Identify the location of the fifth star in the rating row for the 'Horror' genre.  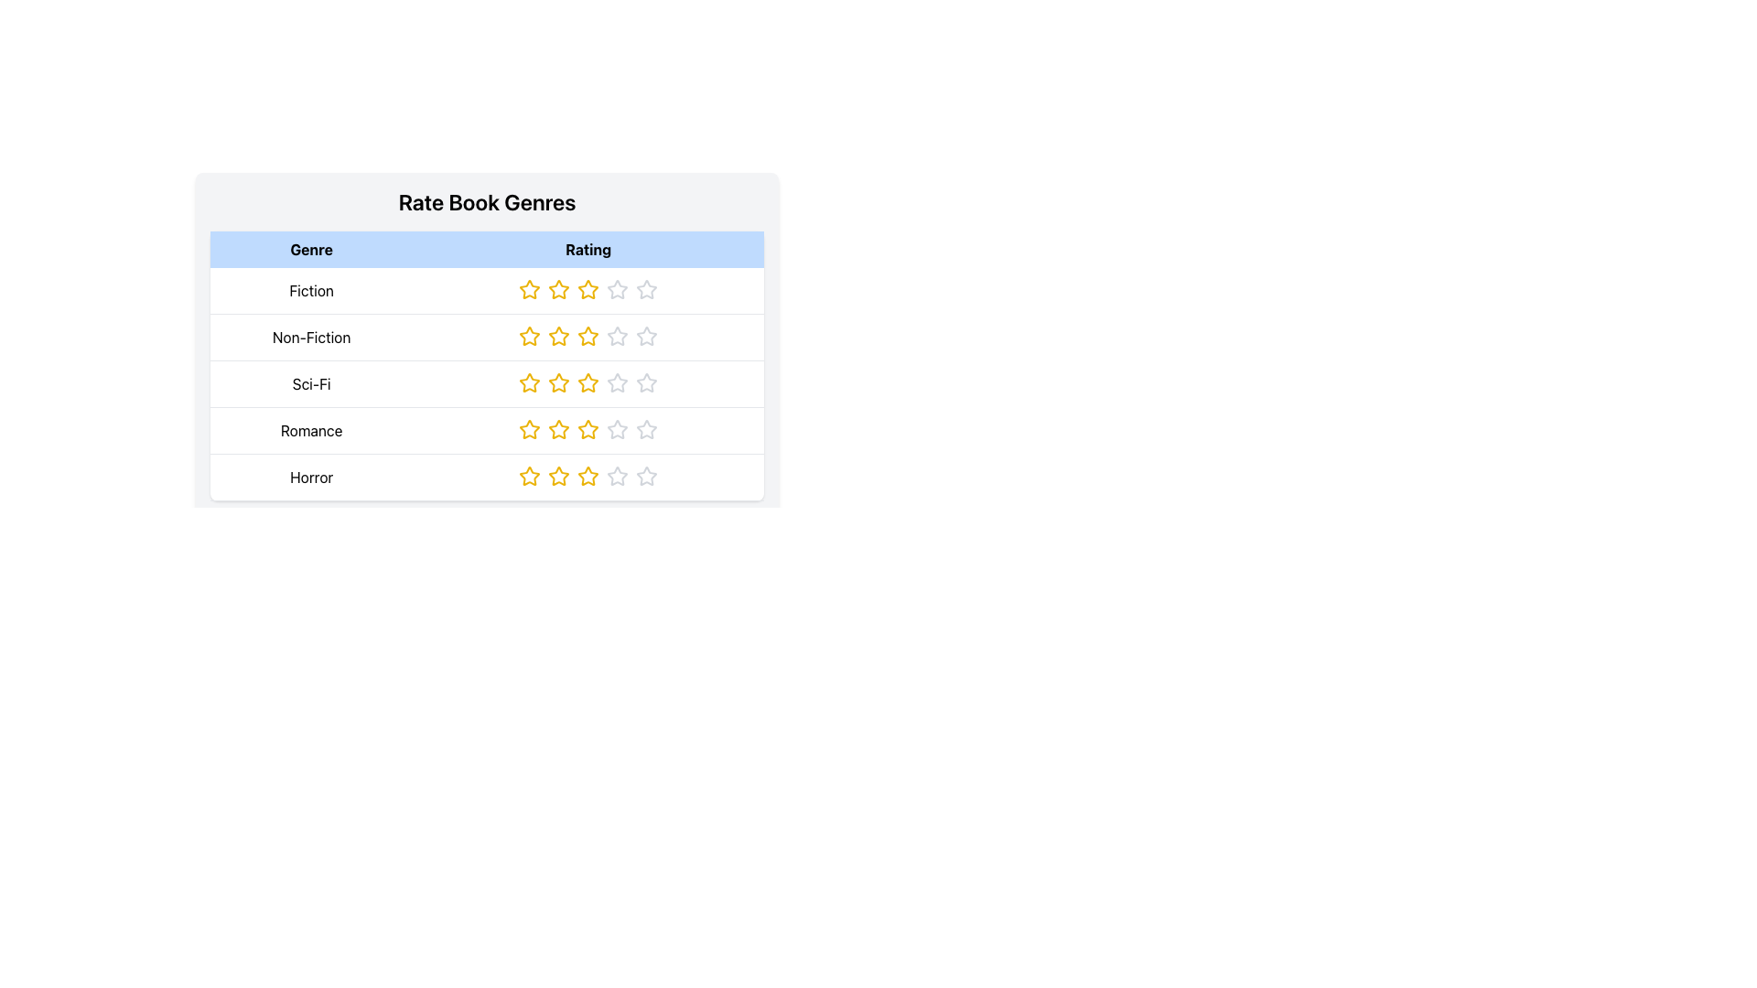
(618, 475).